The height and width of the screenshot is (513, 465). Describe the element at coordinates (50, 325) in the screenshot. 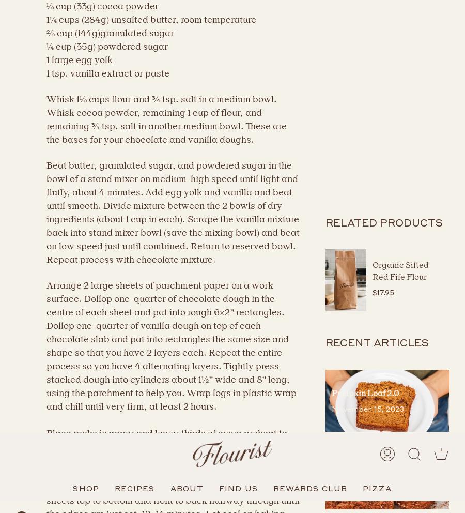

I see `'Privacy Policy'` at that location.